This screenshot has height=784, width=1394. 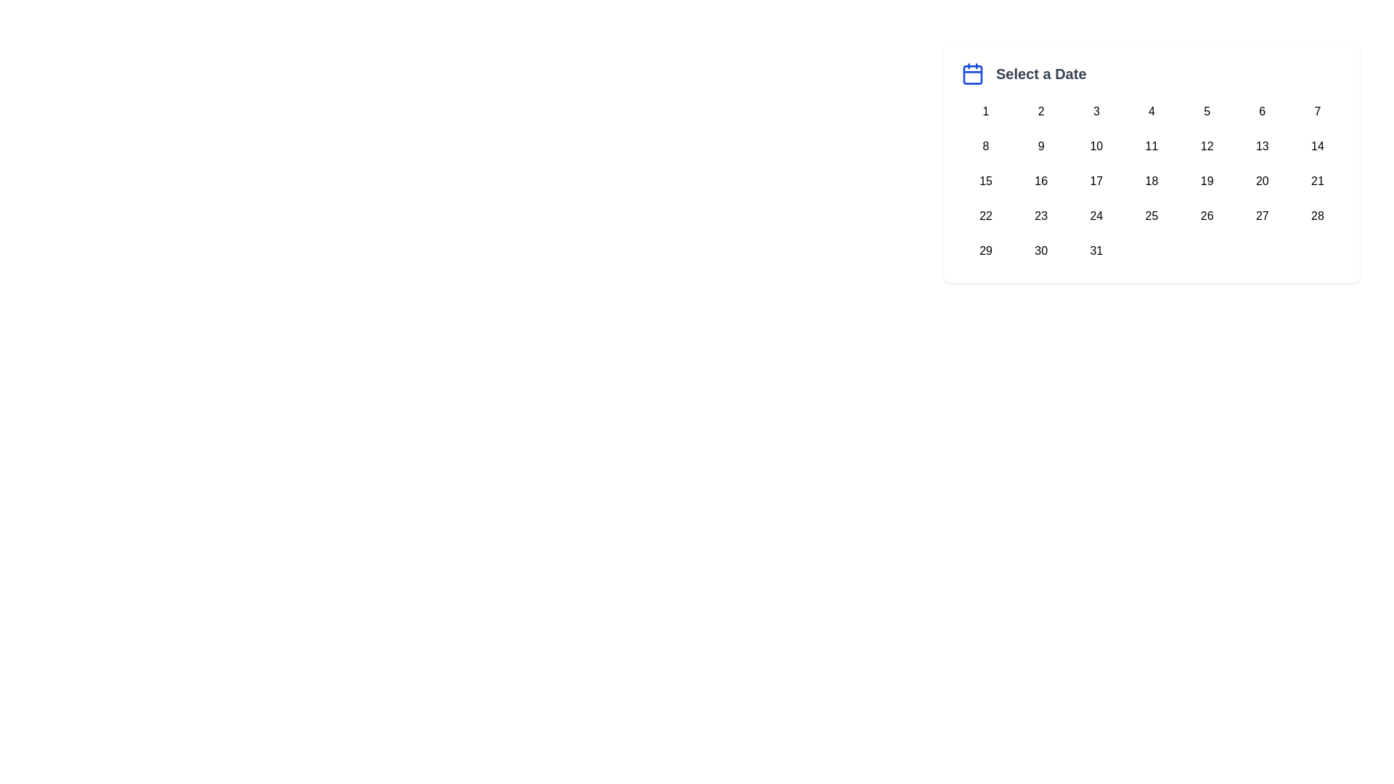 I want to click on the 28th button in the calendar interface, so click(x=1317, y=216).